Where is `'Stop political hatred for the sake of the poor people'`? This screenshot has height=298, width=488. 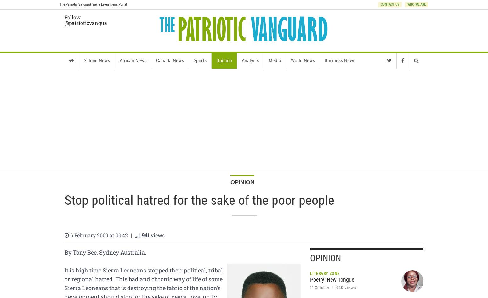
'Stop political hatred for the sake of the poor people' is located at coordinates (199, 200).